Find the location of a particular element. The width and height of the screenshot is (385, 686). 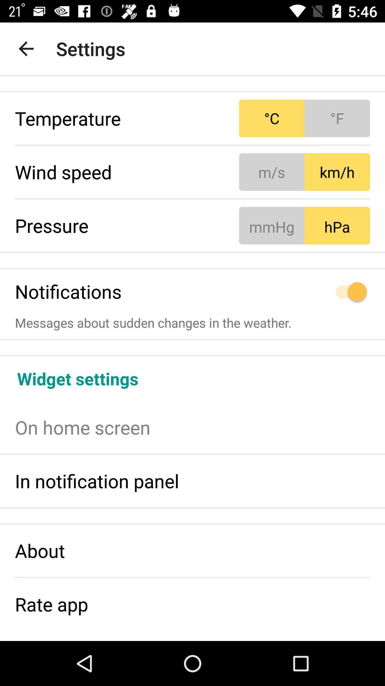

the on home screen item is located at coordinates (192, 427).